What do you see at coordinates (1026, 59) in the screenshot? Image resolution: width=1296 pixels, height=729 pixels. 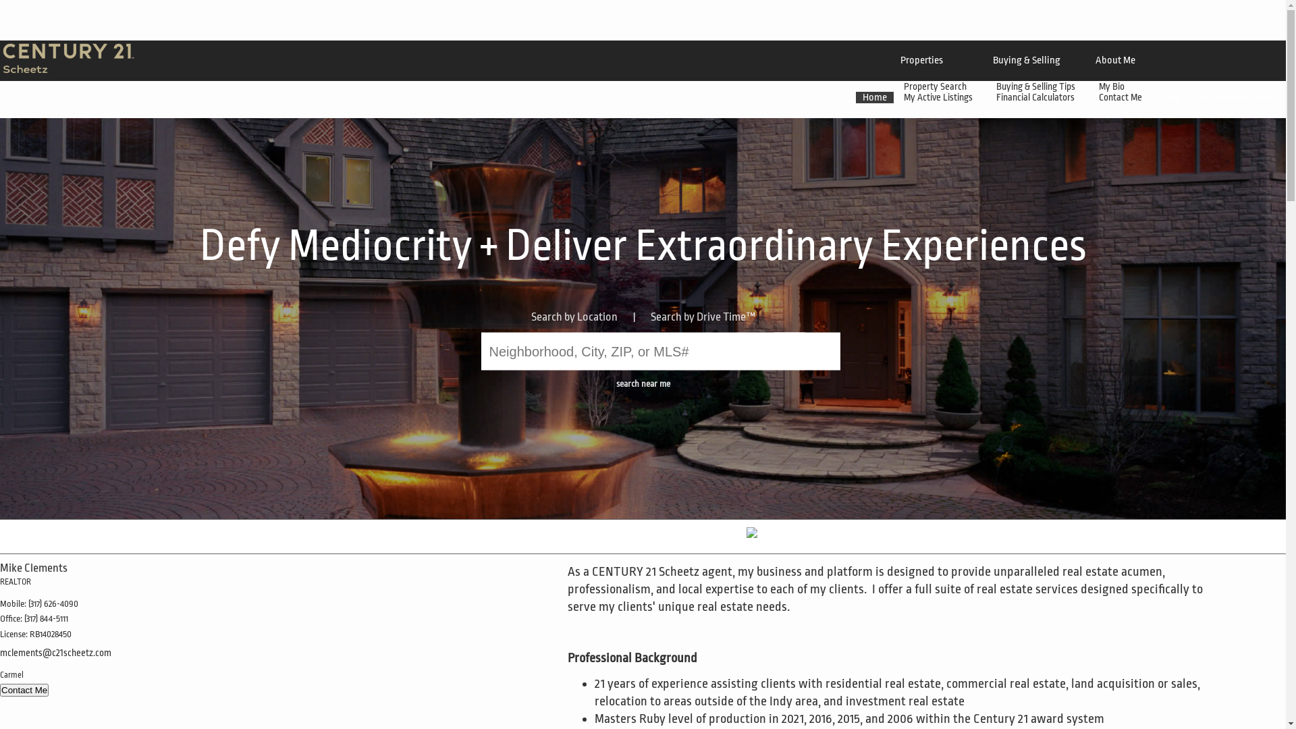 I see `'Buying & Selling'` at bounding box center [1026, 59].